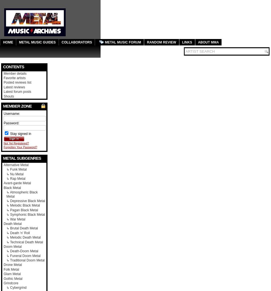 Image resolution: width=271 pixels, height=291 pixels. I want to click on '↳ Atmospheric Black Metal', so click(22, 194).